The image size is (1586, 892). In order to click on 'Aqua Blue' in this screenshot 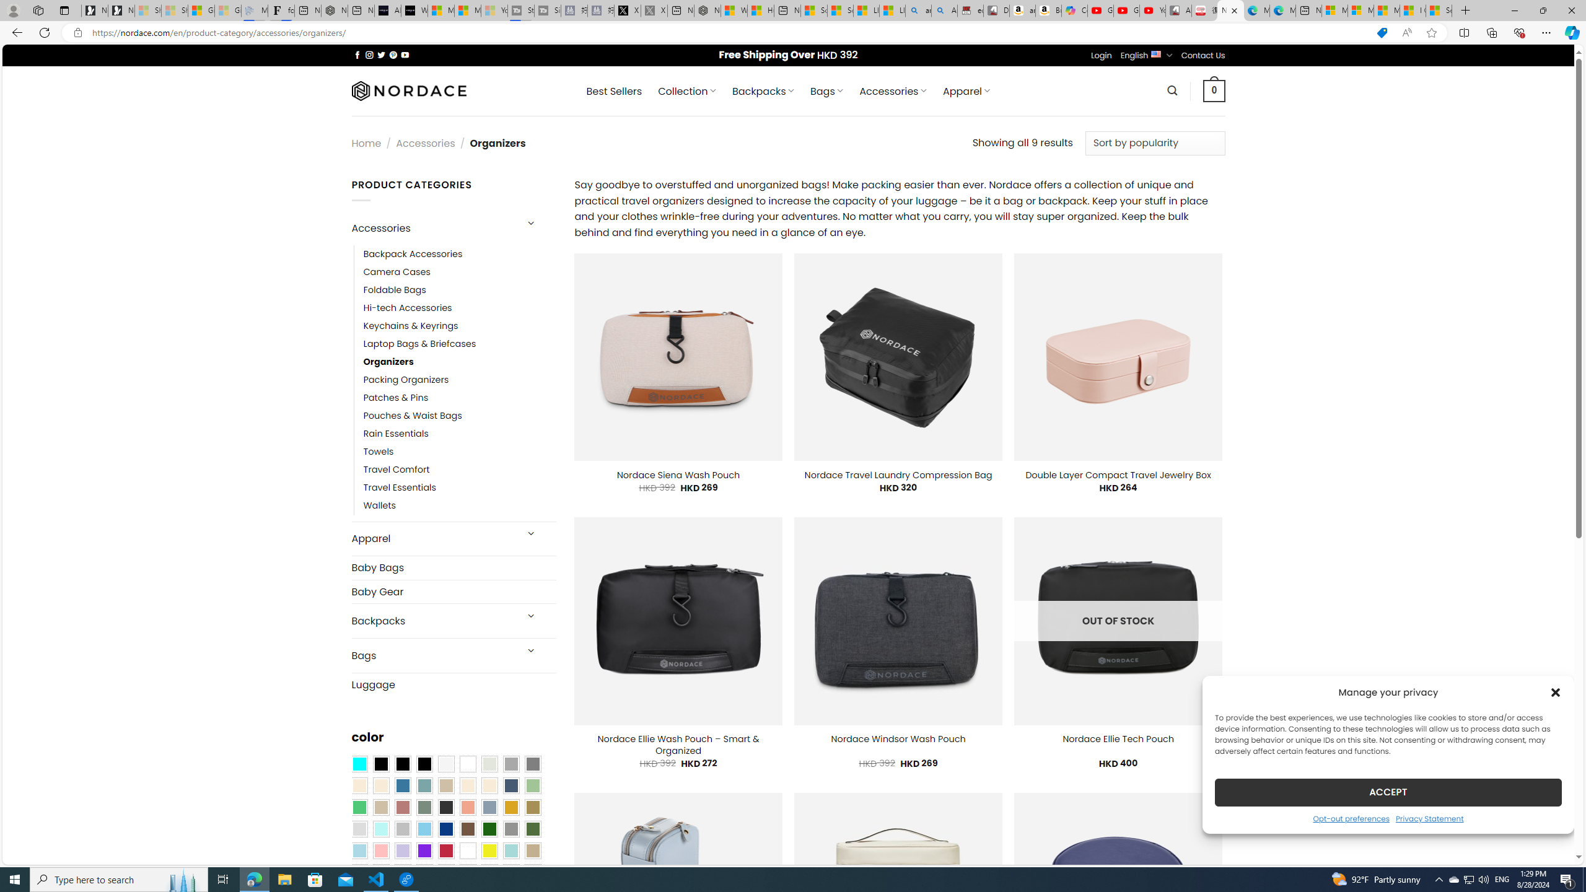, I will do `click(358, 764)`.